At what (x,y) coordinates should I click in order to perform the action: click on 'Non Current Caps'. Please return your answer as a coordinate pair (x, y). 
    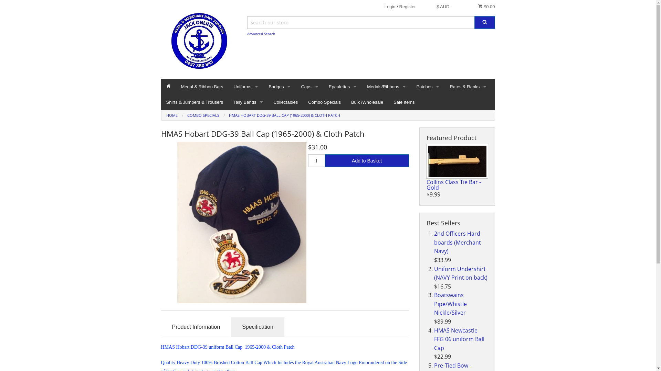
    Looking at the image, I should click on (309, 141).